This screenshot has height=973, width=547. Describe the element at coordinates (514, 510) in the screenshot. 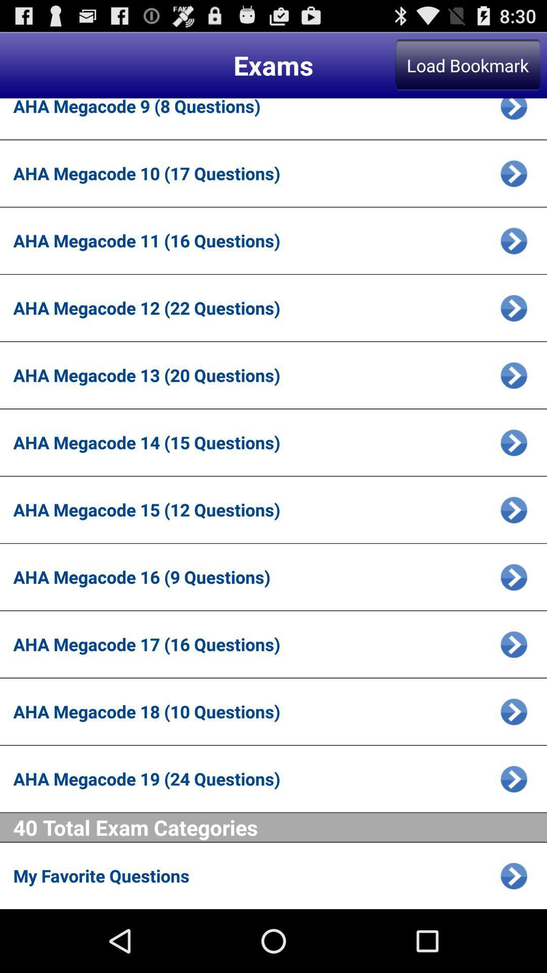

I see `details` at that location.